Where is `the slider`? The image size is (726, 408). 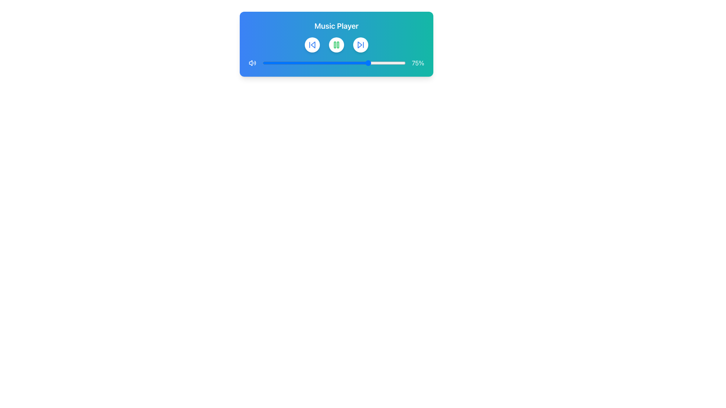 the slider is located at coordinates (364, 62).